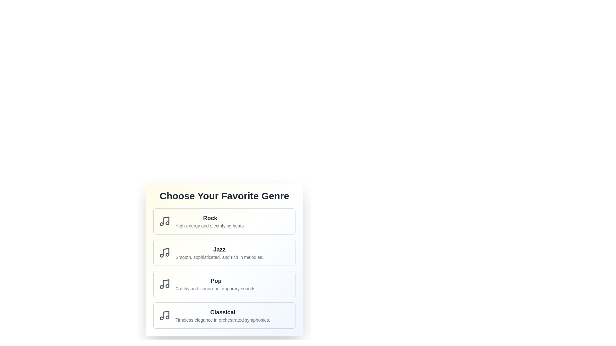 This screenshot has height=346, width=616. I want to click on the musical note icon located in the second row of the music genre selection interface, which is aligned with the 'Jazz' caption for visual feedback, so click(166, 251).